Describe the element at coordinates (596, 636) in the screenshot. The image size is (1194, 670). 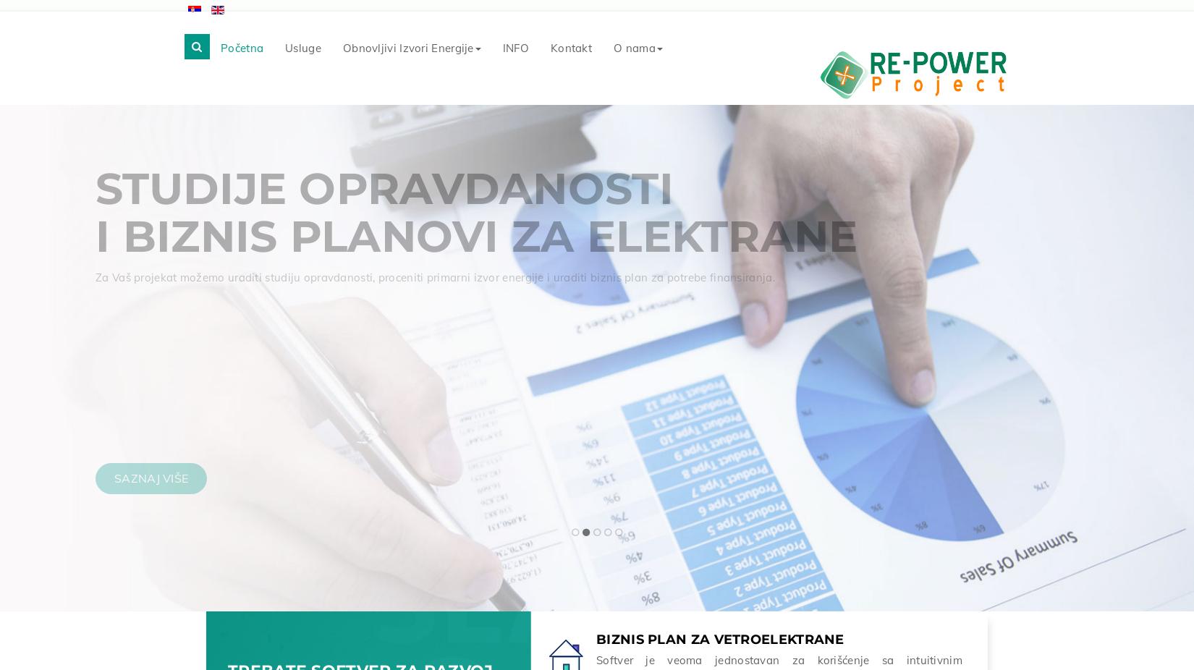
I see `'Biznis plan za vetroelektrane'` at that location.